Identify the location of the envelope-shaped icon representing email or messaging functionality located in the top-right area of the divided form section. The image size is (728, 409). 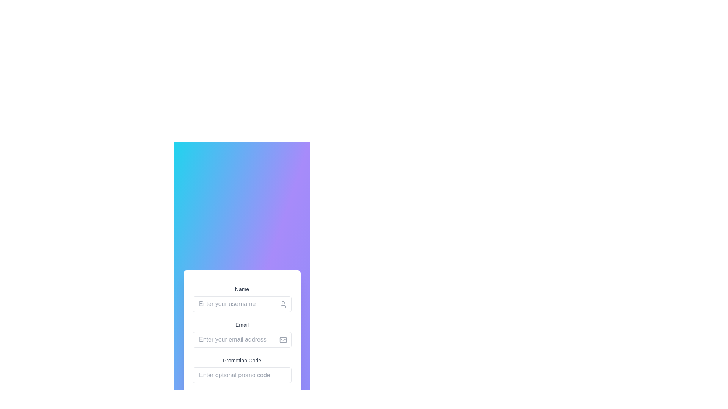
(283, 339).